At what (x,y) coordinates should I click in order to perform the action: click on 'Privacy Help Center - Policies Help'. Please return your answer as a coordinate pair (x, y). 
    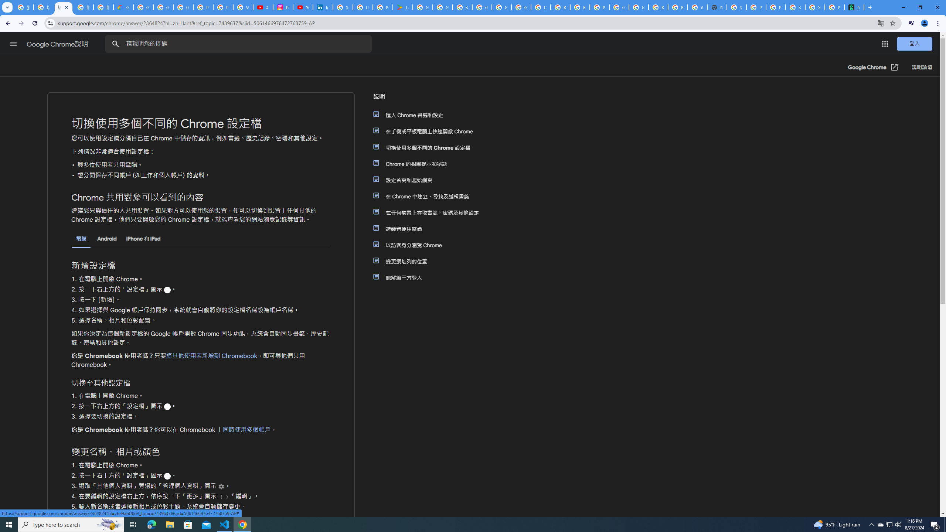
    Looking at the image, I should click on (223, 7).